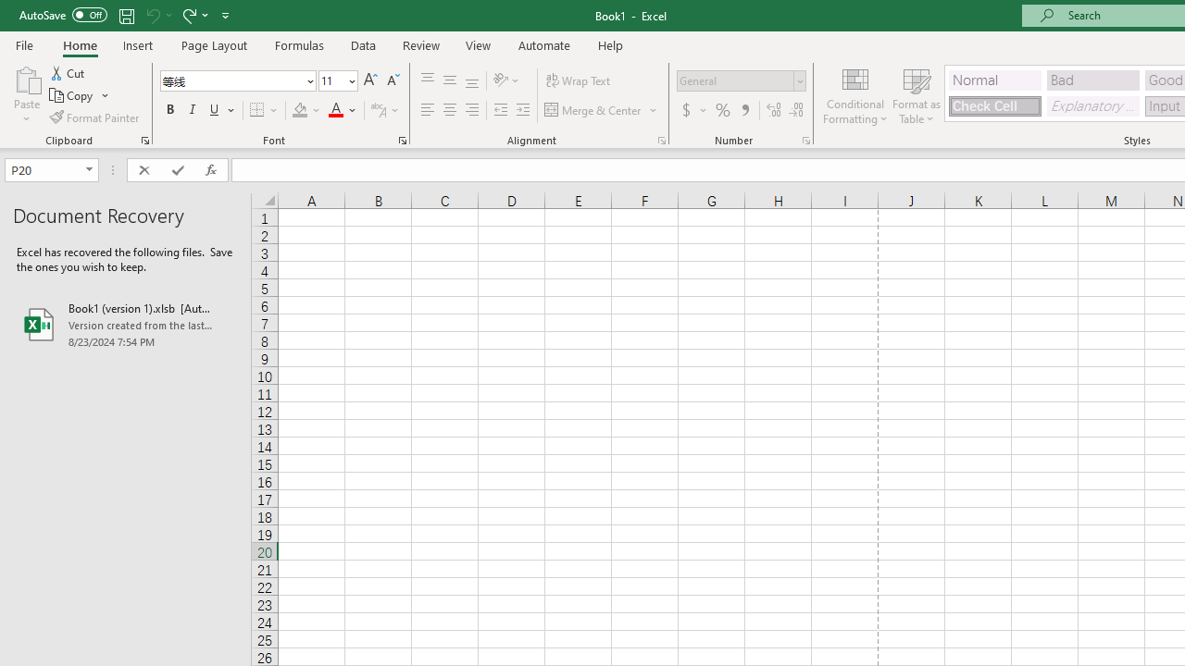  Describe the element at coordinates (264, 110) in the screenshot. I see `'Borders'` at that location.